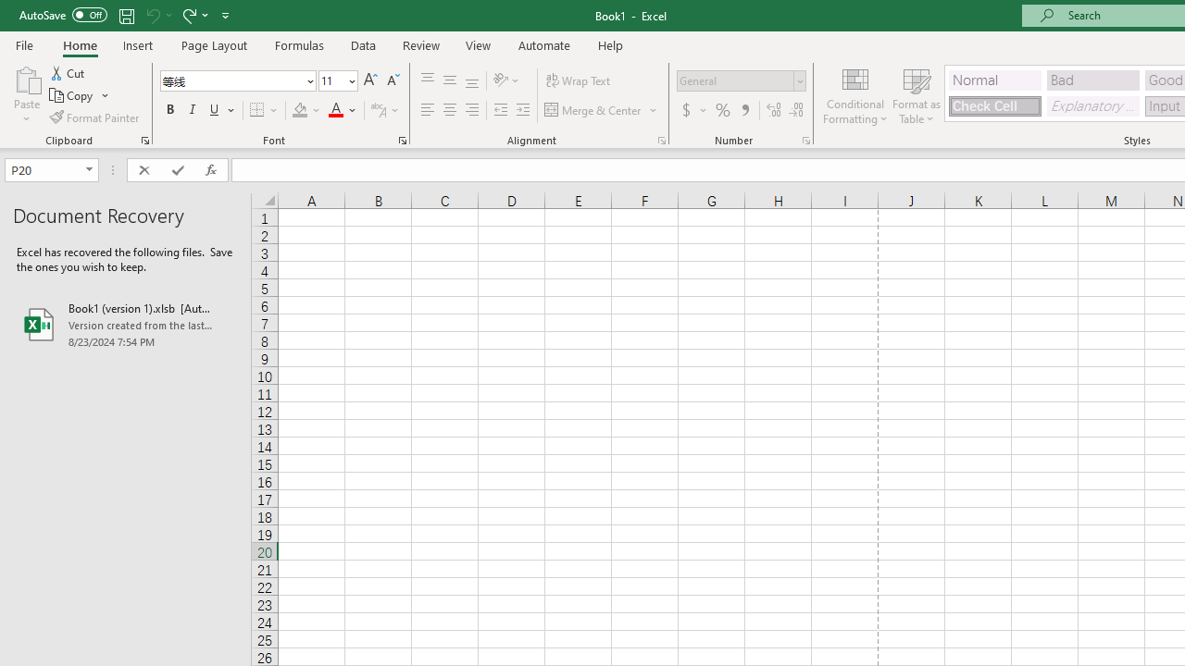  Describe the element at coordinates (264, 110) in the screenshot. I see `'Borders'` at that location.